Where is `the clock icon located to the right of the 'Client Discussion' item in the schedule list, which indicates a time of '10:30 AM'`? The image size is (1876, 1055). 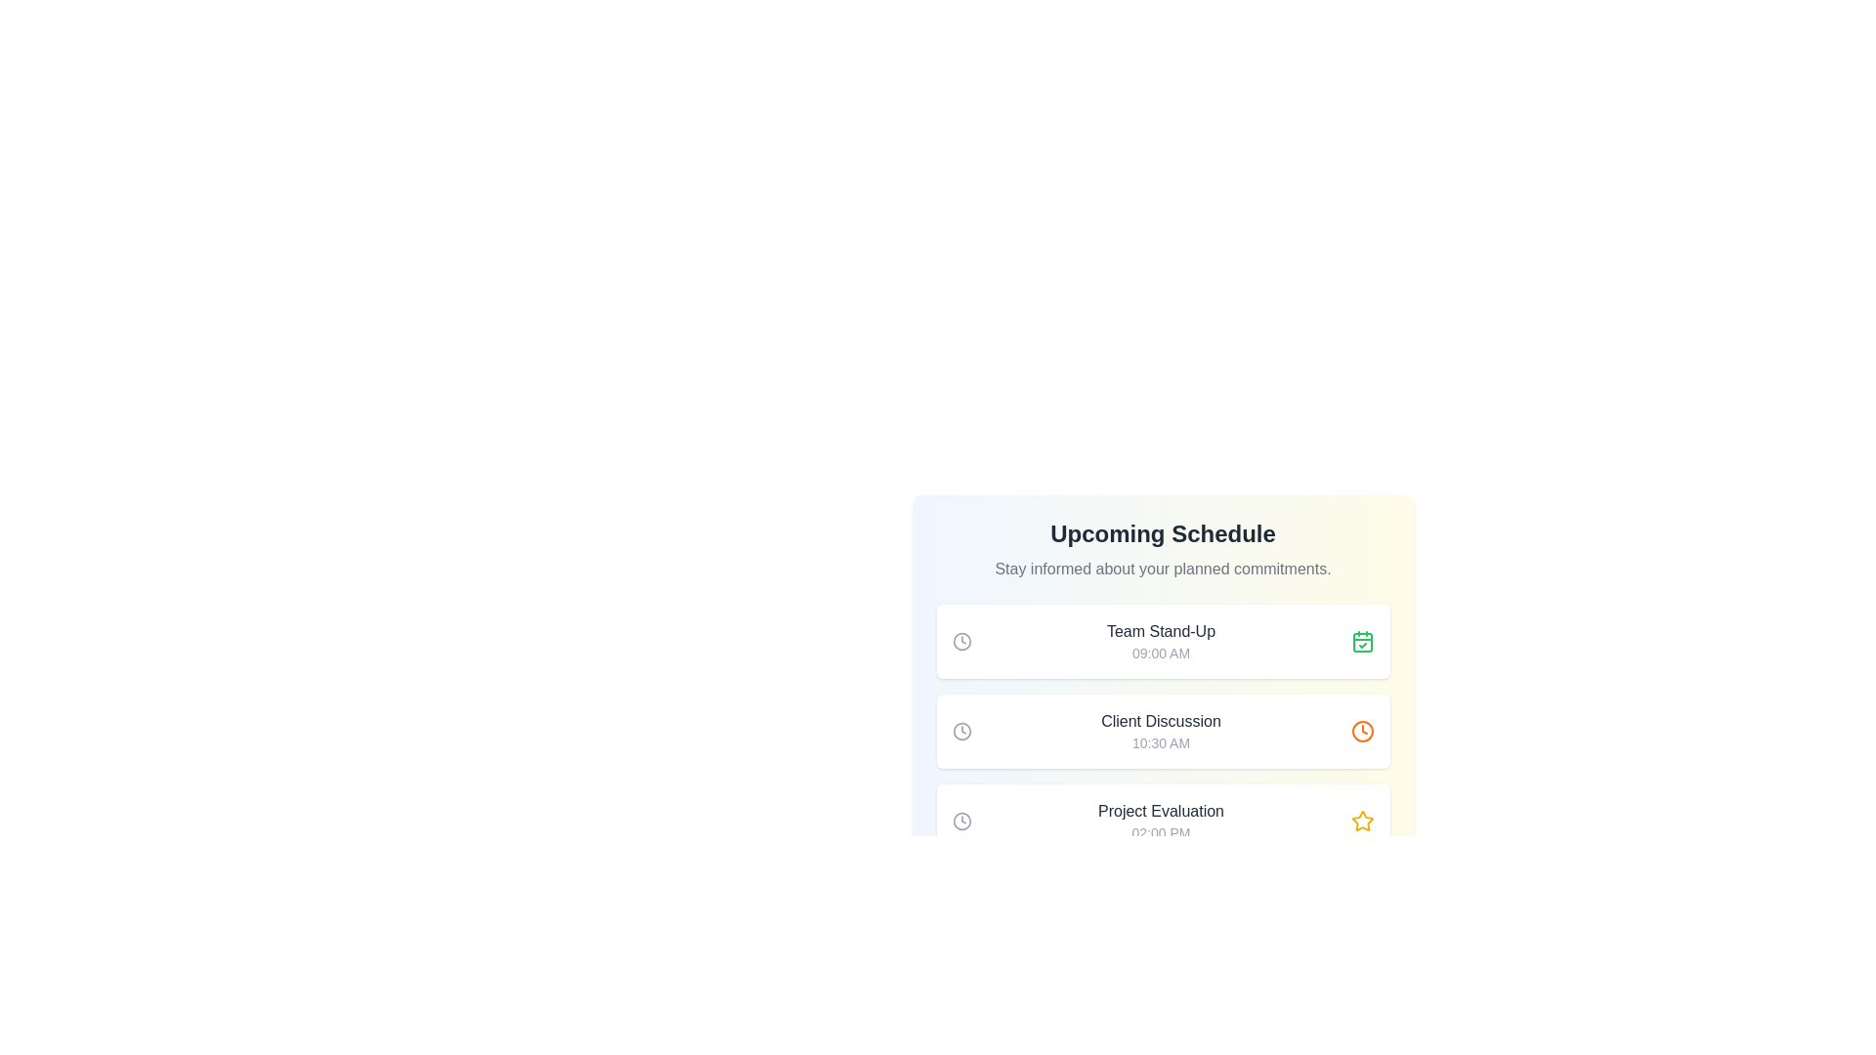 the clock icon located to the right of the 'Client Discussion' item in the schedule list, which indicates a time of '10:30 AM' is located at coordinates (1361, 731).